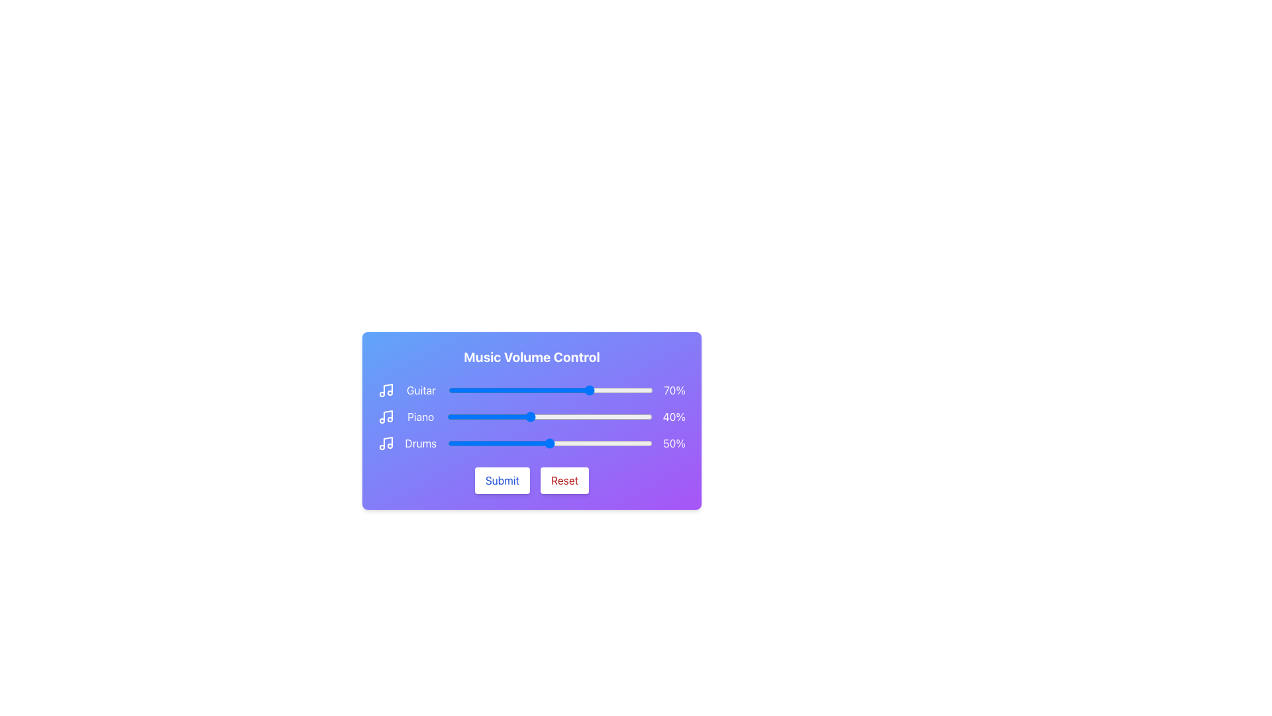  I want to click on the Piano slider, so click(527, 416).